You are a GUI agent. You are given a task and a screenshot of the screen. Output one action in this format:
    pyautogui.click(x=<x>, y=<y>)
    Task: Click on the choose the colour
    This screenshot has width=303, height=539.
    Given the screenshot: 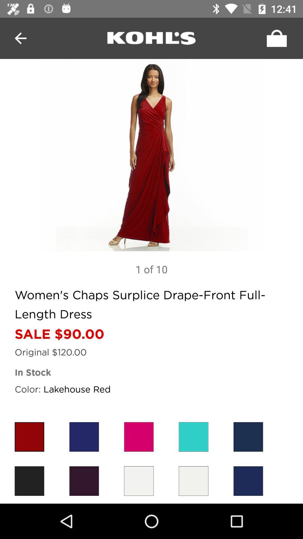 What is the action you would take?
    pyautogui.click(x=193, y=437)
    